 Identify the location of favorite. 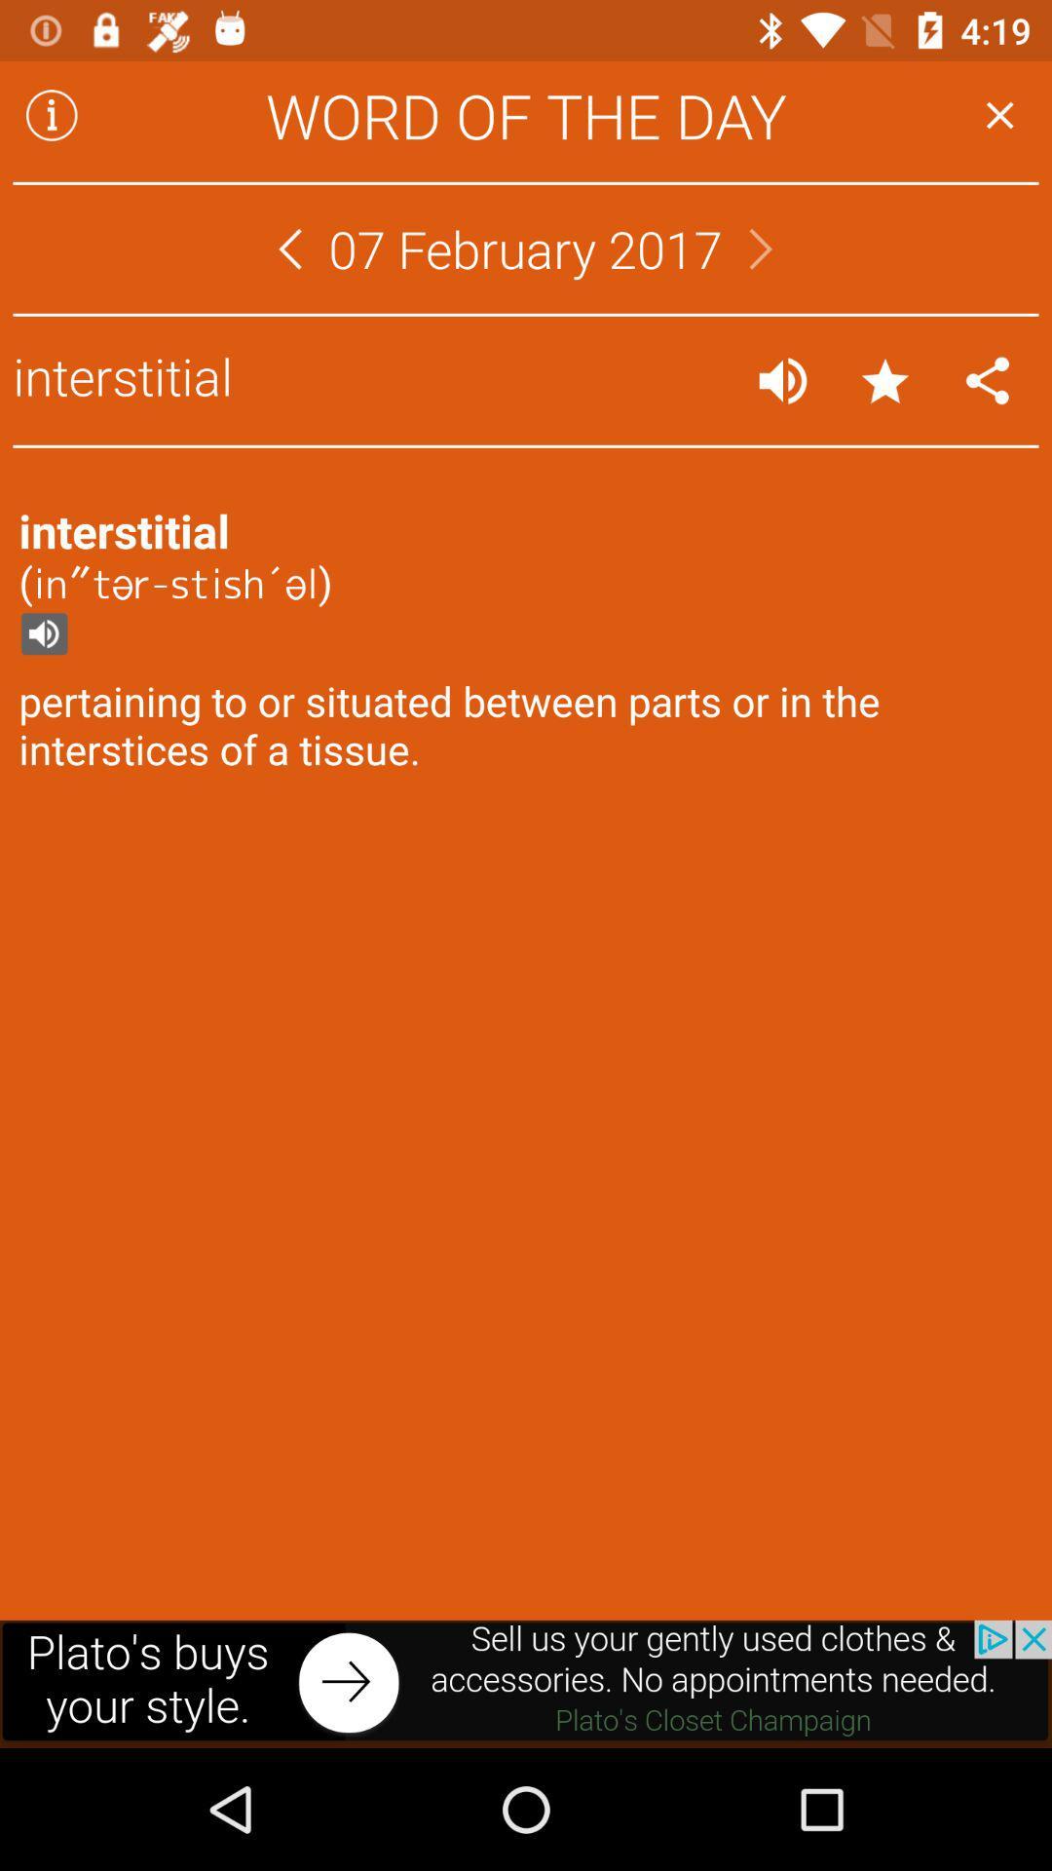
(885, 380).